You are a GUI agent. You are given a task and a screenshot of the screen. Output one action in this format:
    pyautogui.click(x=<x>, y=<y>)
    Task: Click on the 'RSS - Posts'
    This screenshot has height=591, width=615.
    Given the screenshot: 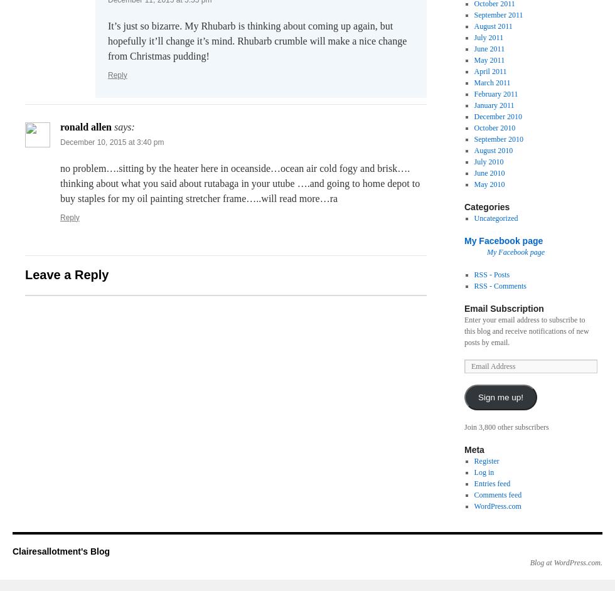 What is the action you would take?
    pyautogui.click(x=491, y=274)
    